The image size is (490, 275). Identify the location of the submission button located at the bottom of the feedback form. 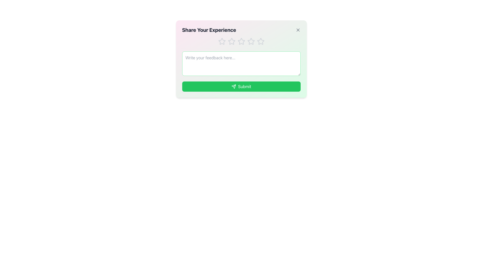
(241, 86).